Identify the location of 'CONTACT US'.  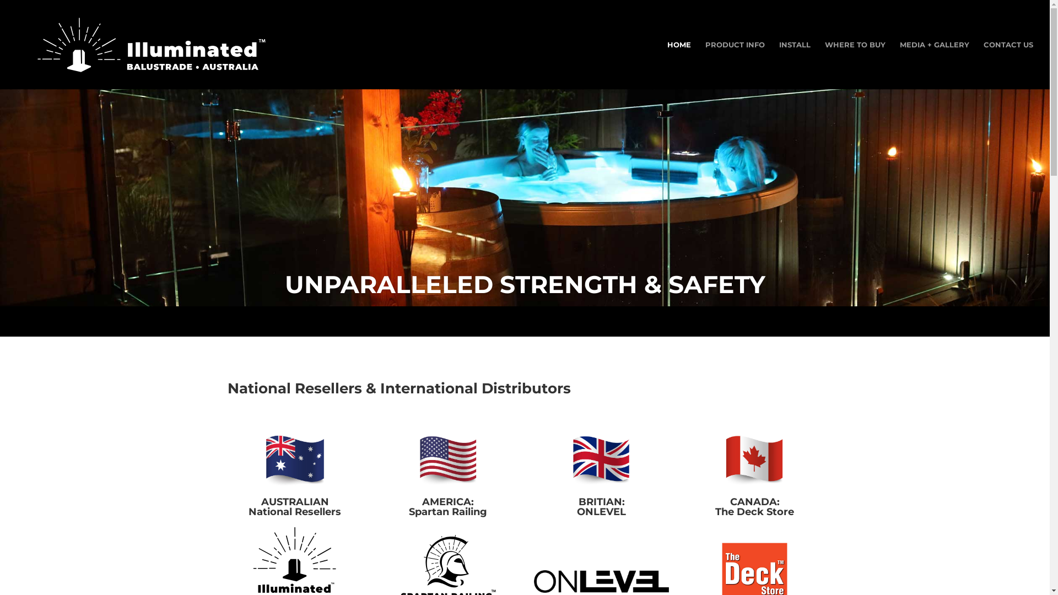
(984, 65).